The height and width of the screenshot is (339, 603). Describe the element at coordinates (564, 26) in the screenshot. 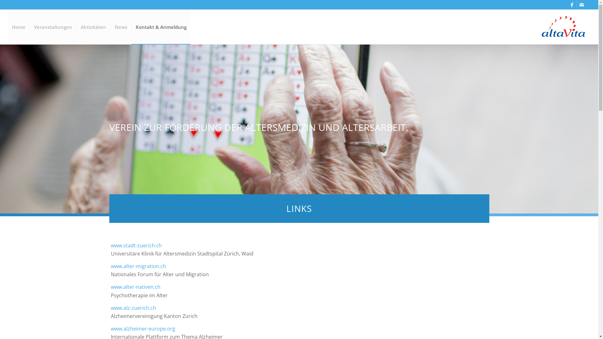

I see `'Logo altavita'` at that location.